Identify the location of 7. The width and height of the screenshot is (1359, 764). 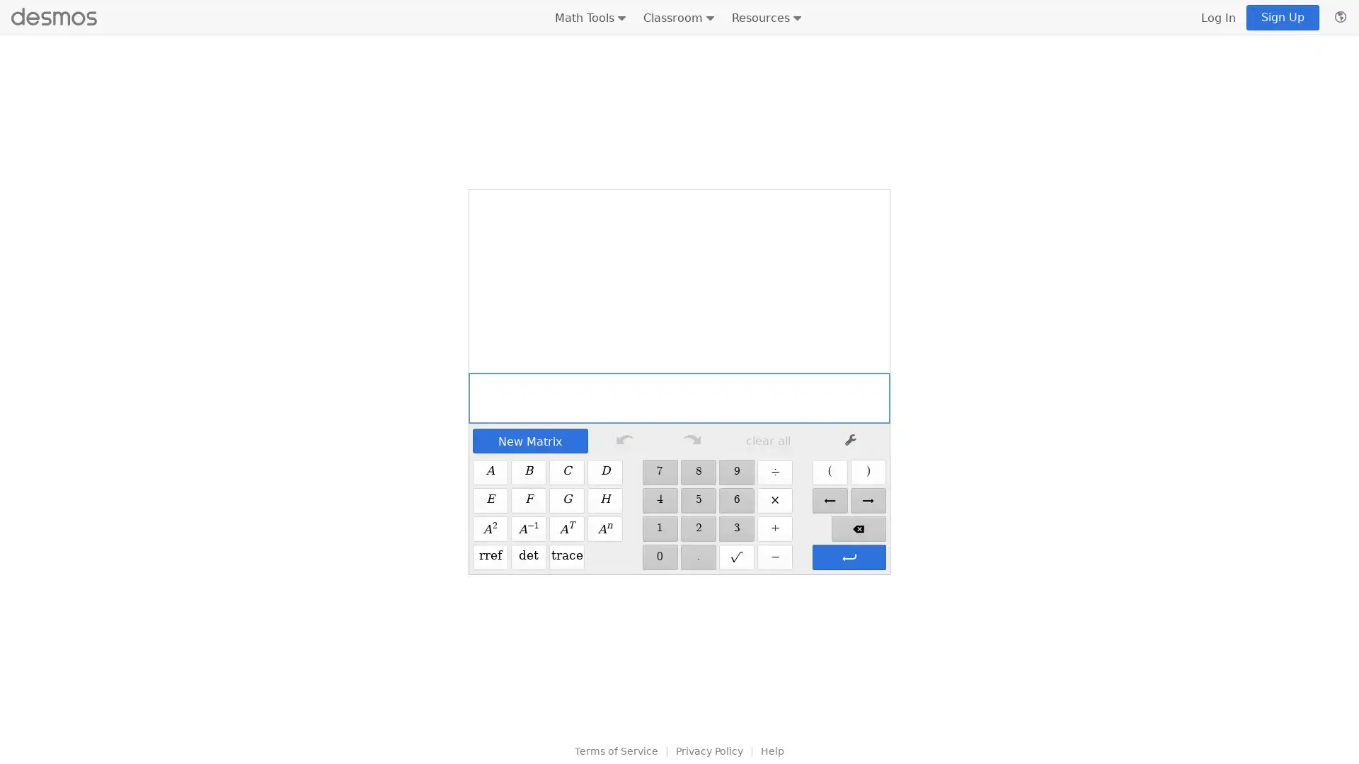
(658, 472).